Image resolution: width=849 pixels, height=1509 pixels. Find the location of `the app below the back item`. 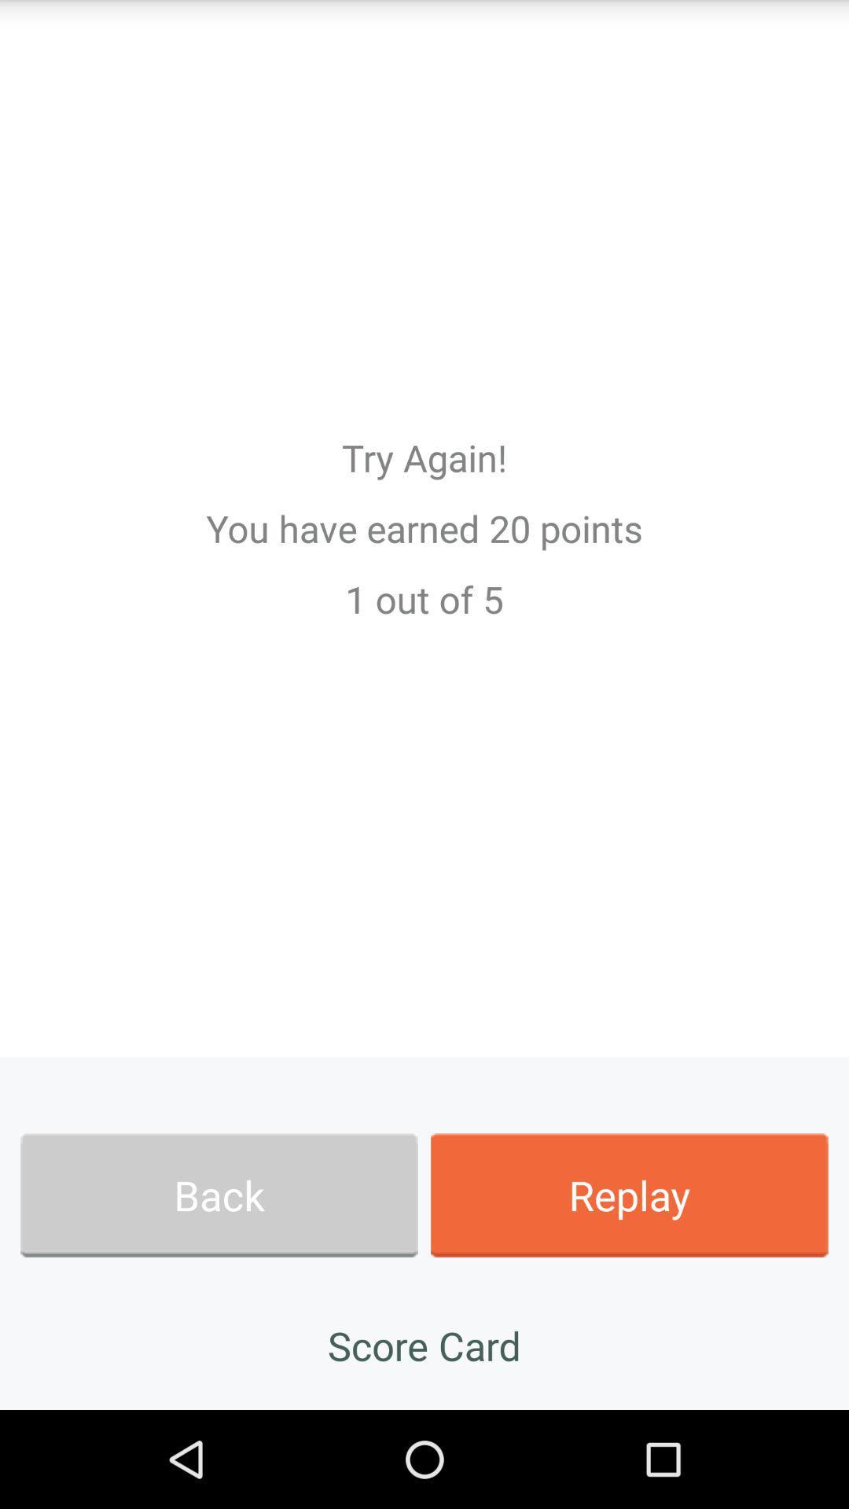

the app below the back item is located at coordinates (424, 1345).